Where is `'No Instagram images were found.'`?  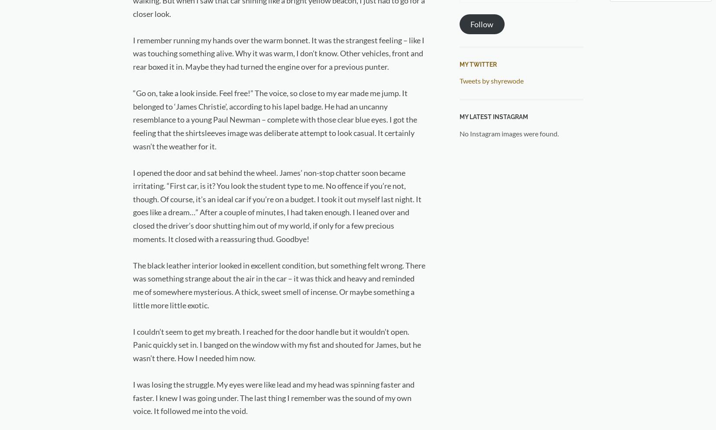
'No Instagram images were found.' is located at coordinates (509, 133).